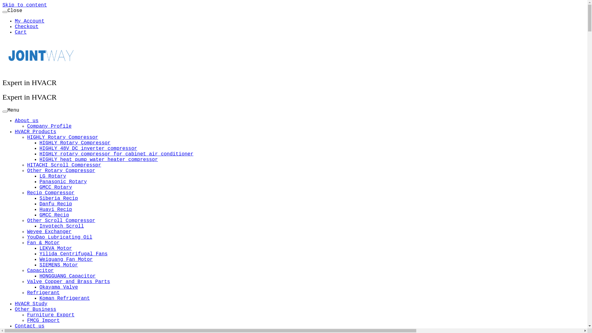  I want to click on 'Siberia Recip', so click(39, 199).